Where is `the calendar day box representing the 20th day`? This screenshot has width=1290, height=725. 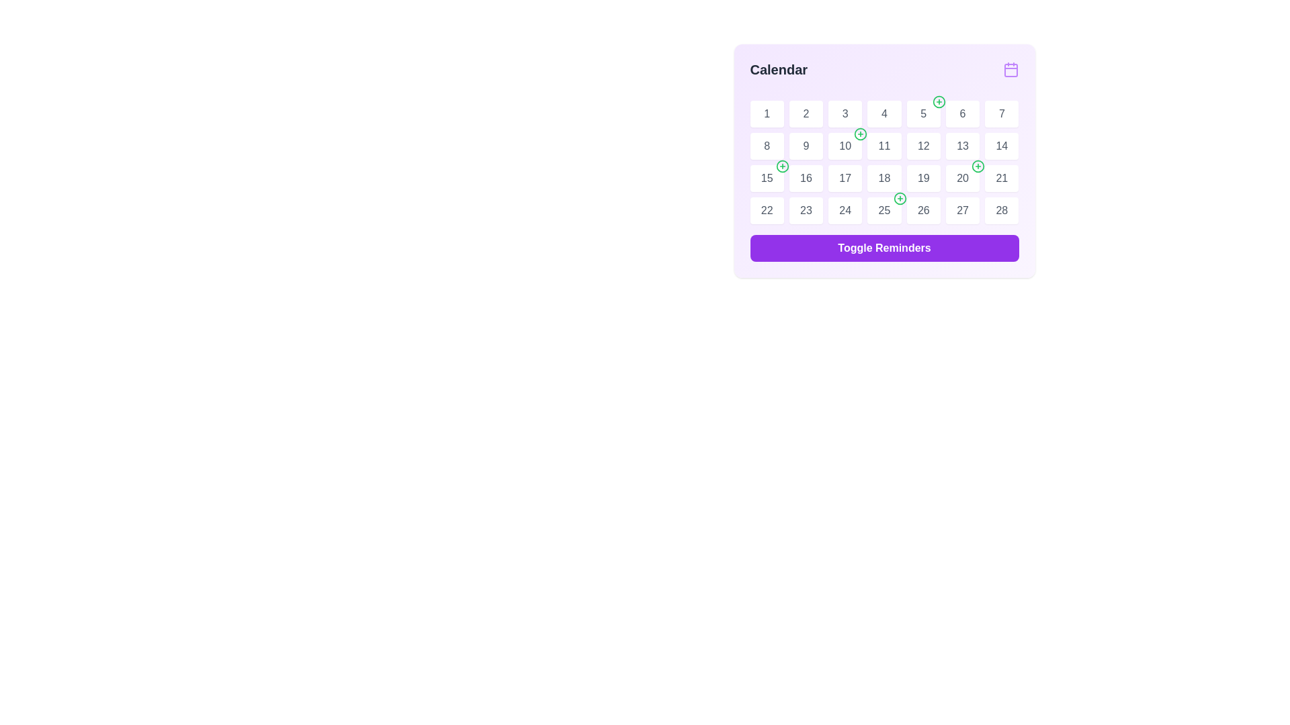
the calendar day box representing the 20th day is located at coordinates (962, 178).